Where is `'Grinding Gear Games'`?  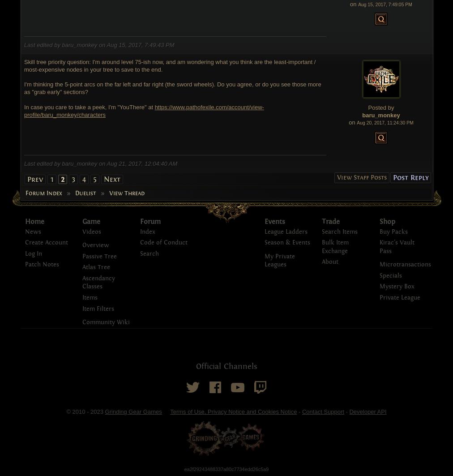 'Grinding Gear Games' is located at coordinates (132, 411).